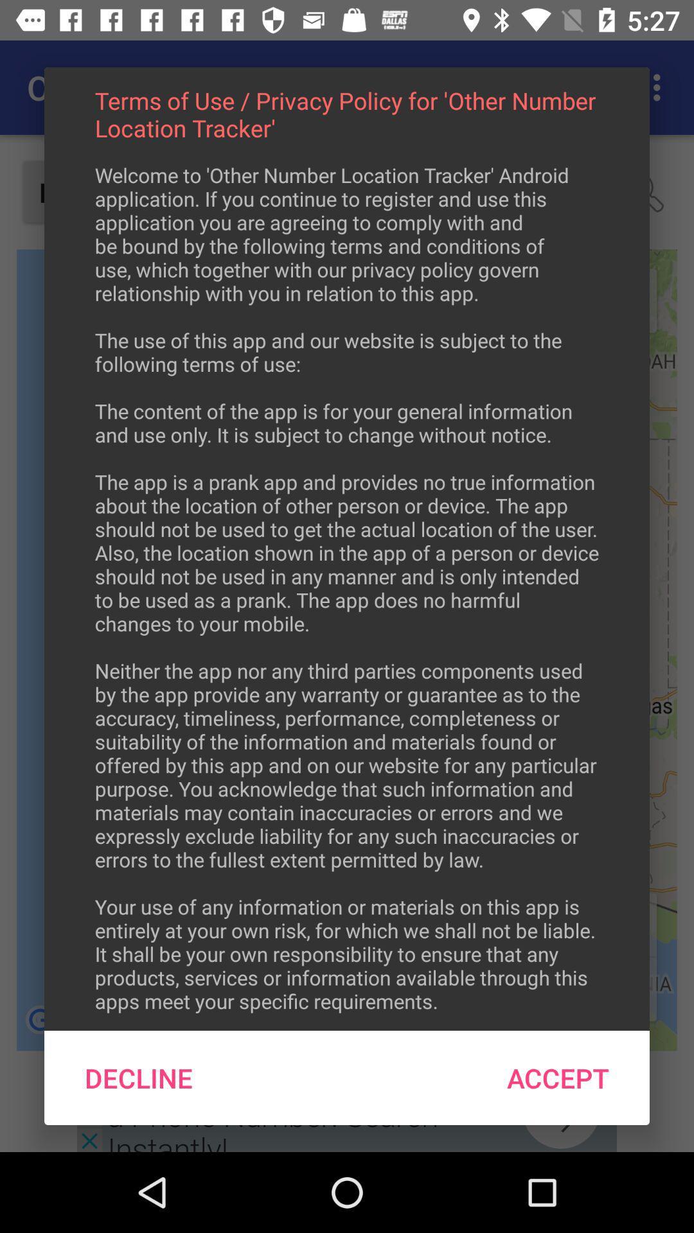 Image resolution: width=694 pixels, height=1233 pixels. What do you see at coordinates (557, 1078) in the screenshot?
I see `icon to the right of the decline icon` at bounding box center [557, 1078].